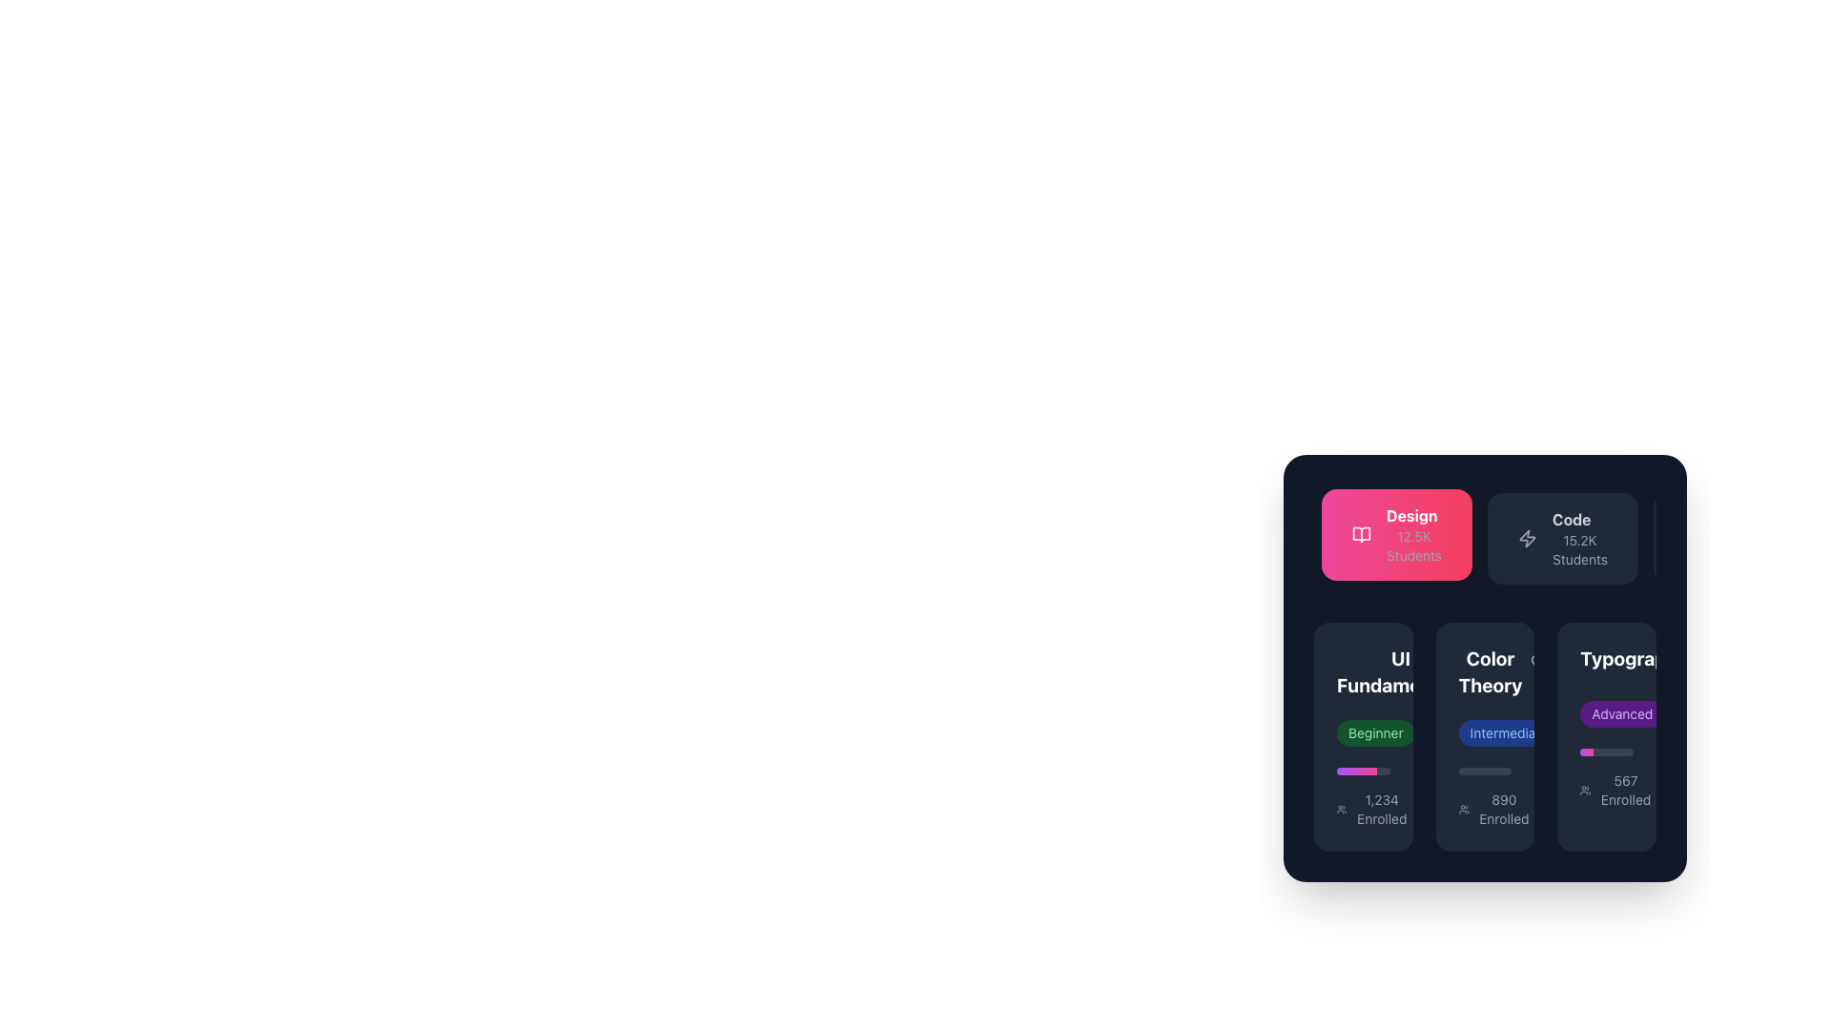  What do you see at coordinates (1373, 809) in the screenshot?
I see `the Text Display with Icon that shows the enrollment count, which is located in the bottom-left section of the 'UI Fundamentals' card` at bounding box center [1373, 809].